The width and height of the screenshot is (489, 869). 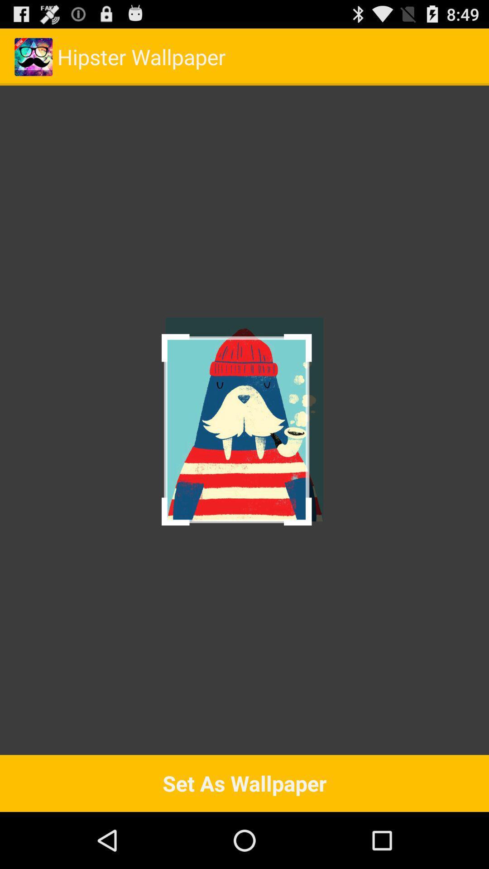 What do you see at coordinates (244, 783) in the screenshot?
I see `set as wallpaper button` at bounding box center [244, 783].